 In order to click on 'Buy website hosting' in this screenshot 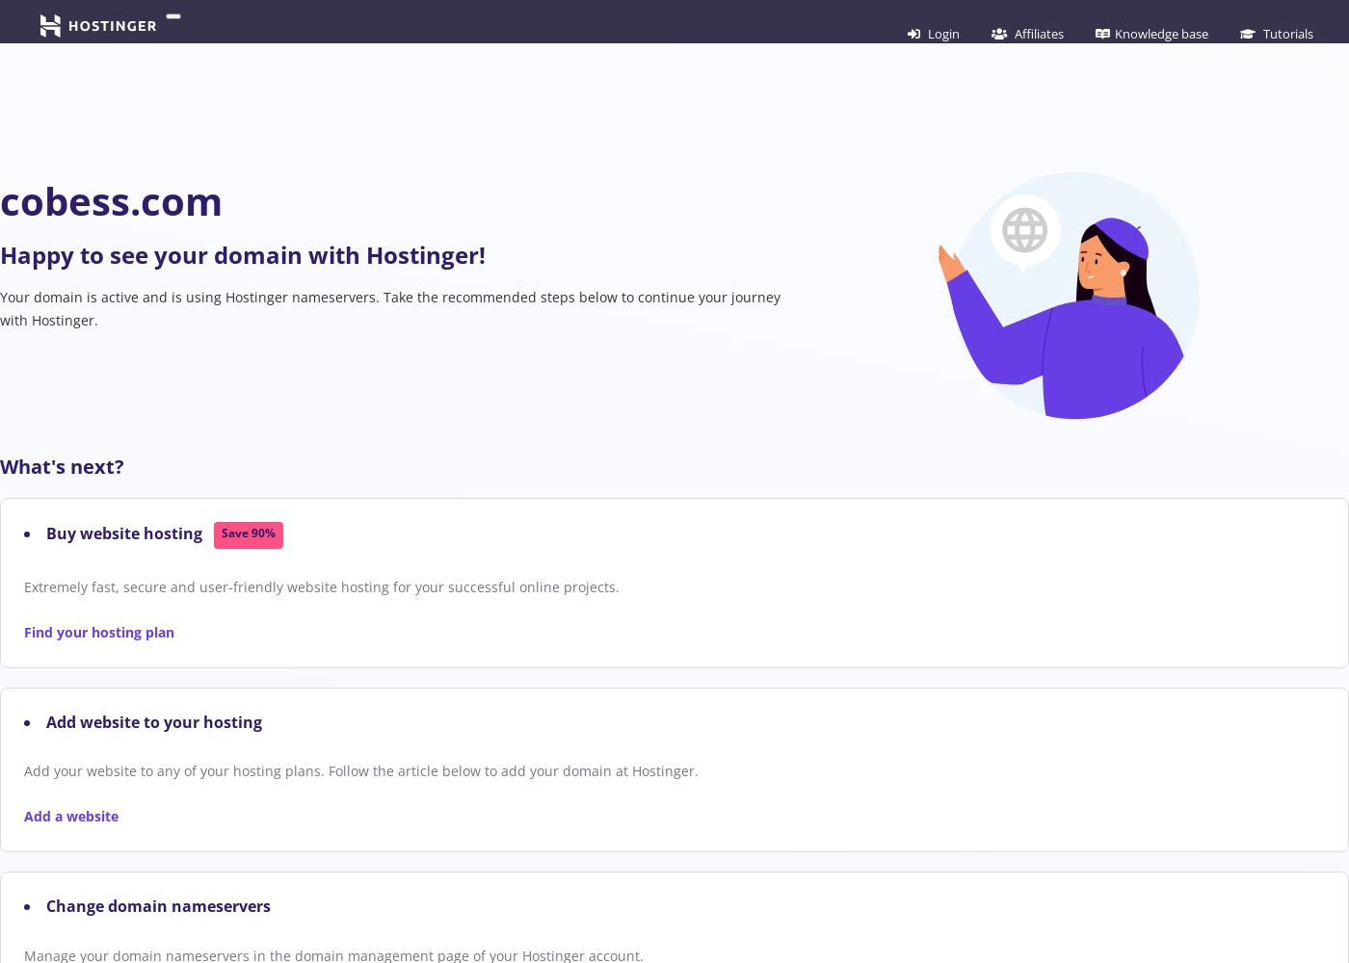, I will do `click(126, 534)`.